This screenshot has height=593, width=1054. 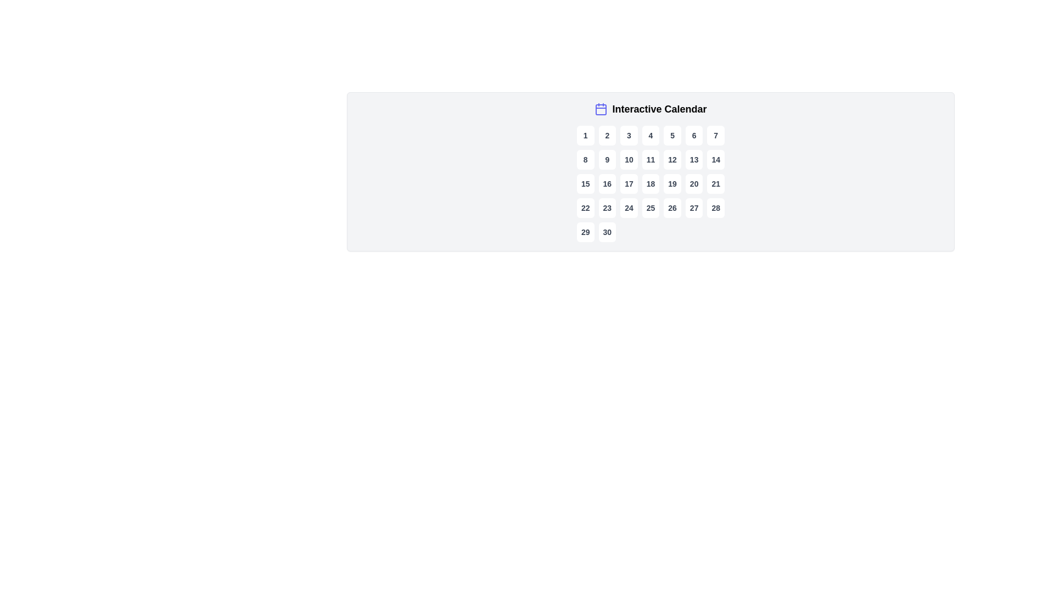 I want to click on the square button labeled '3' with a white background and gray text, located in the first row and third column of the grid in the 'Interactive Calendar' panel, so click(x=629, y=135).